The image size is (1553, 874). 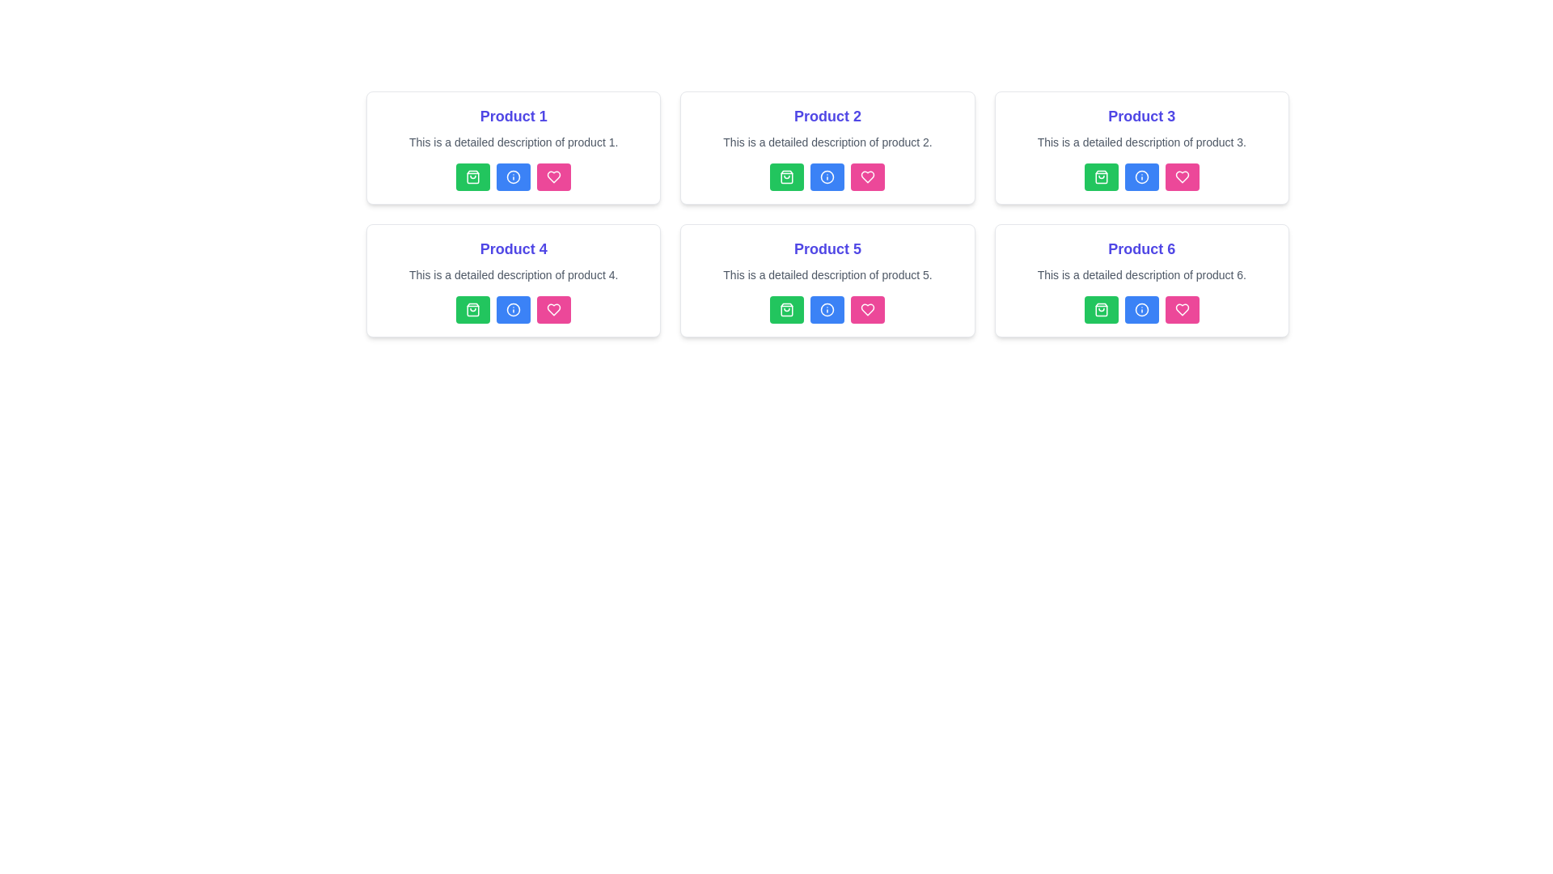 I want to click on the rightmost button in the button group at the bottom of the 'Product 1' card to mark the product as a favorite or add it to a wishlist, so click(x=554, y=177).